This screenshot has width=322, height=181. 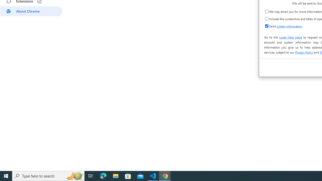 I want to click on 'Task View', so click(x=90, y=175).